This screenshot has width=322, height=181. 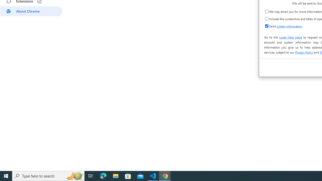 I want to click on 'Task View', so click(x=90, y=175).